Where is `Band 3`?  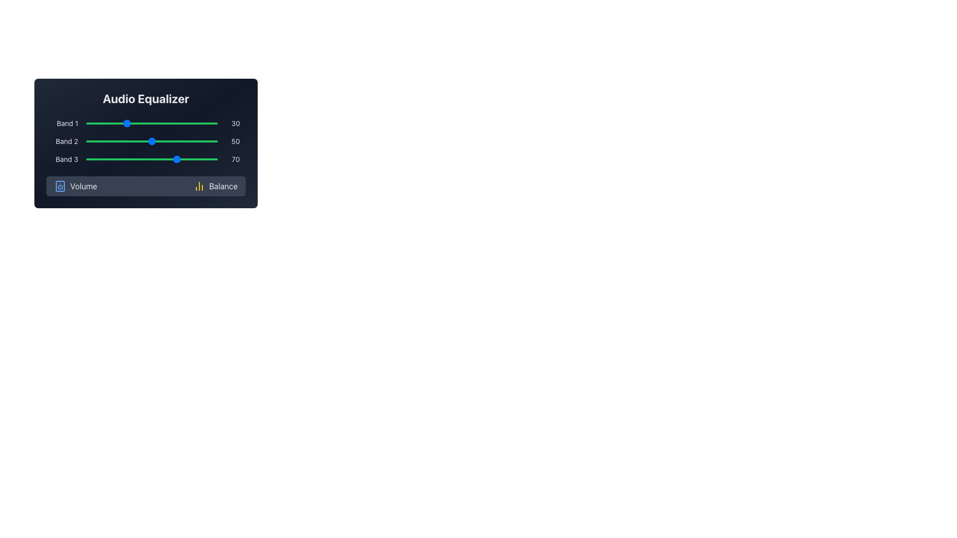
Band 3 is located at coordinates (196, 159).